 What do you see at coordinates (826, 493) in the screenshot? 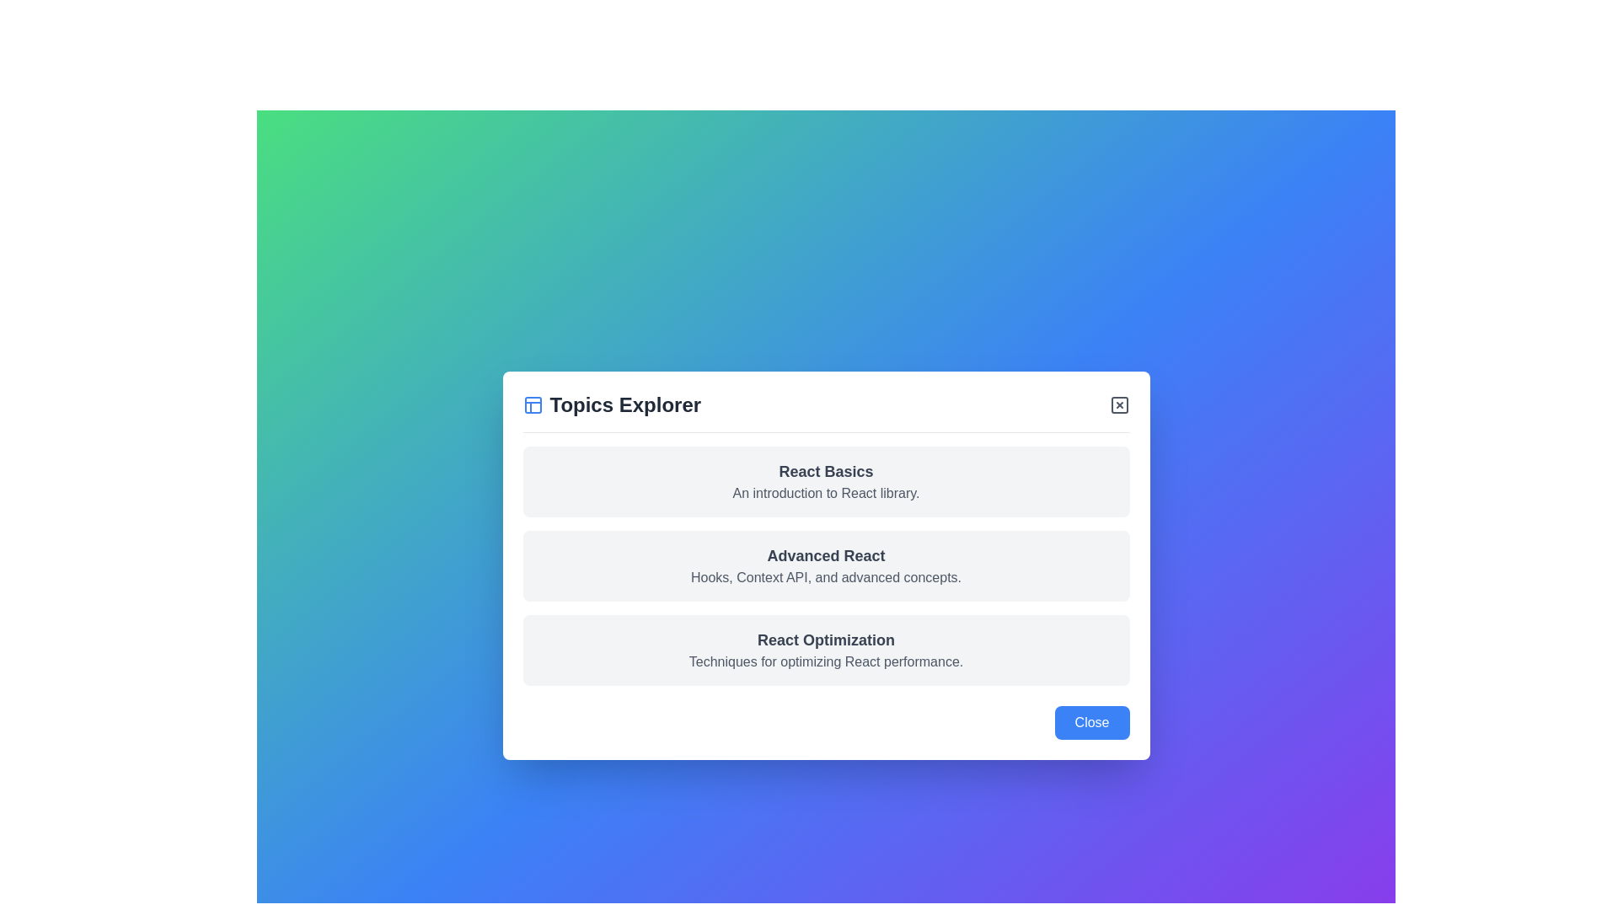
I see `text 'An introduction to React library.' which is styled with a gray font and positioned below the heading 'React Basics' in a modal interface` at bounding box center [826, 493].